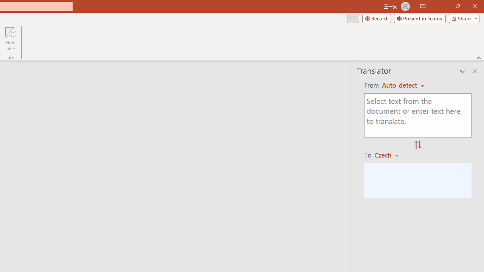  What do you see at coordinates (390, 155) in the screenshot?
I see `'Czech'` at bounding box center [390, 155].